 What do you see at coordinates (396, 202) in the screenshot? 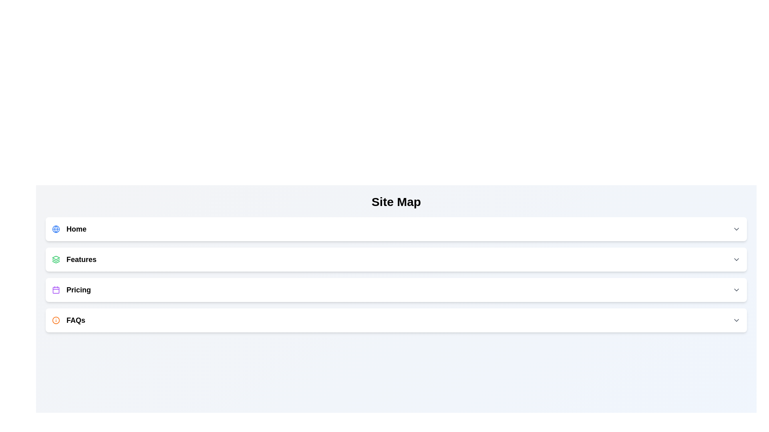
I see `the 'Site Map' static text heading, which is a large, bold, black text prominently displayed at the top of a section, centered above a list of items` at bounding box center [396, 202].